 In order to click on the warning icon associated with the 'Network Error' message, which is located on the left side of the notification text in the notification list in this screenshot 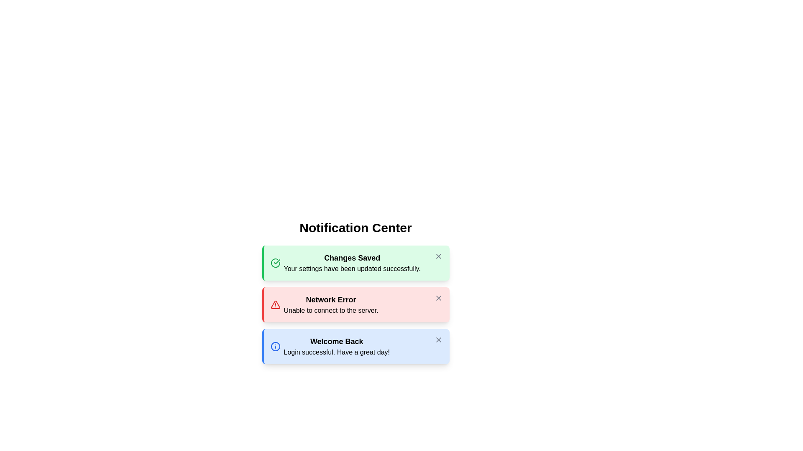, I will do `click(275, 304)`.